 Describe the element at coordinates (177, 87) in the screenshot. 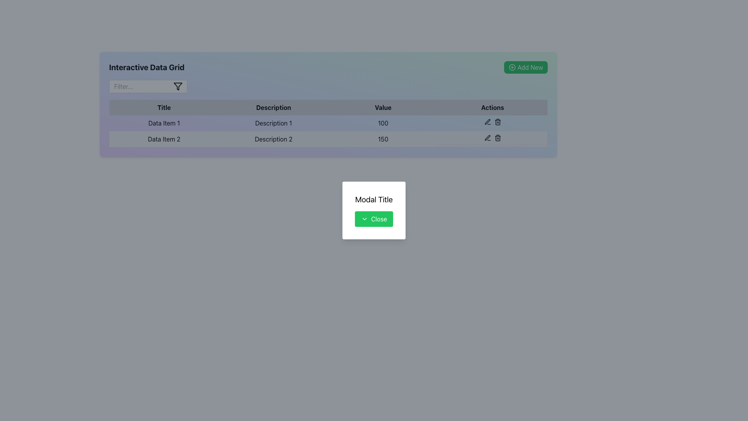

I see `the filter icon, which resembles a funnel, located at the right edge of the filter input field to apply or toggle a filter` at that location.